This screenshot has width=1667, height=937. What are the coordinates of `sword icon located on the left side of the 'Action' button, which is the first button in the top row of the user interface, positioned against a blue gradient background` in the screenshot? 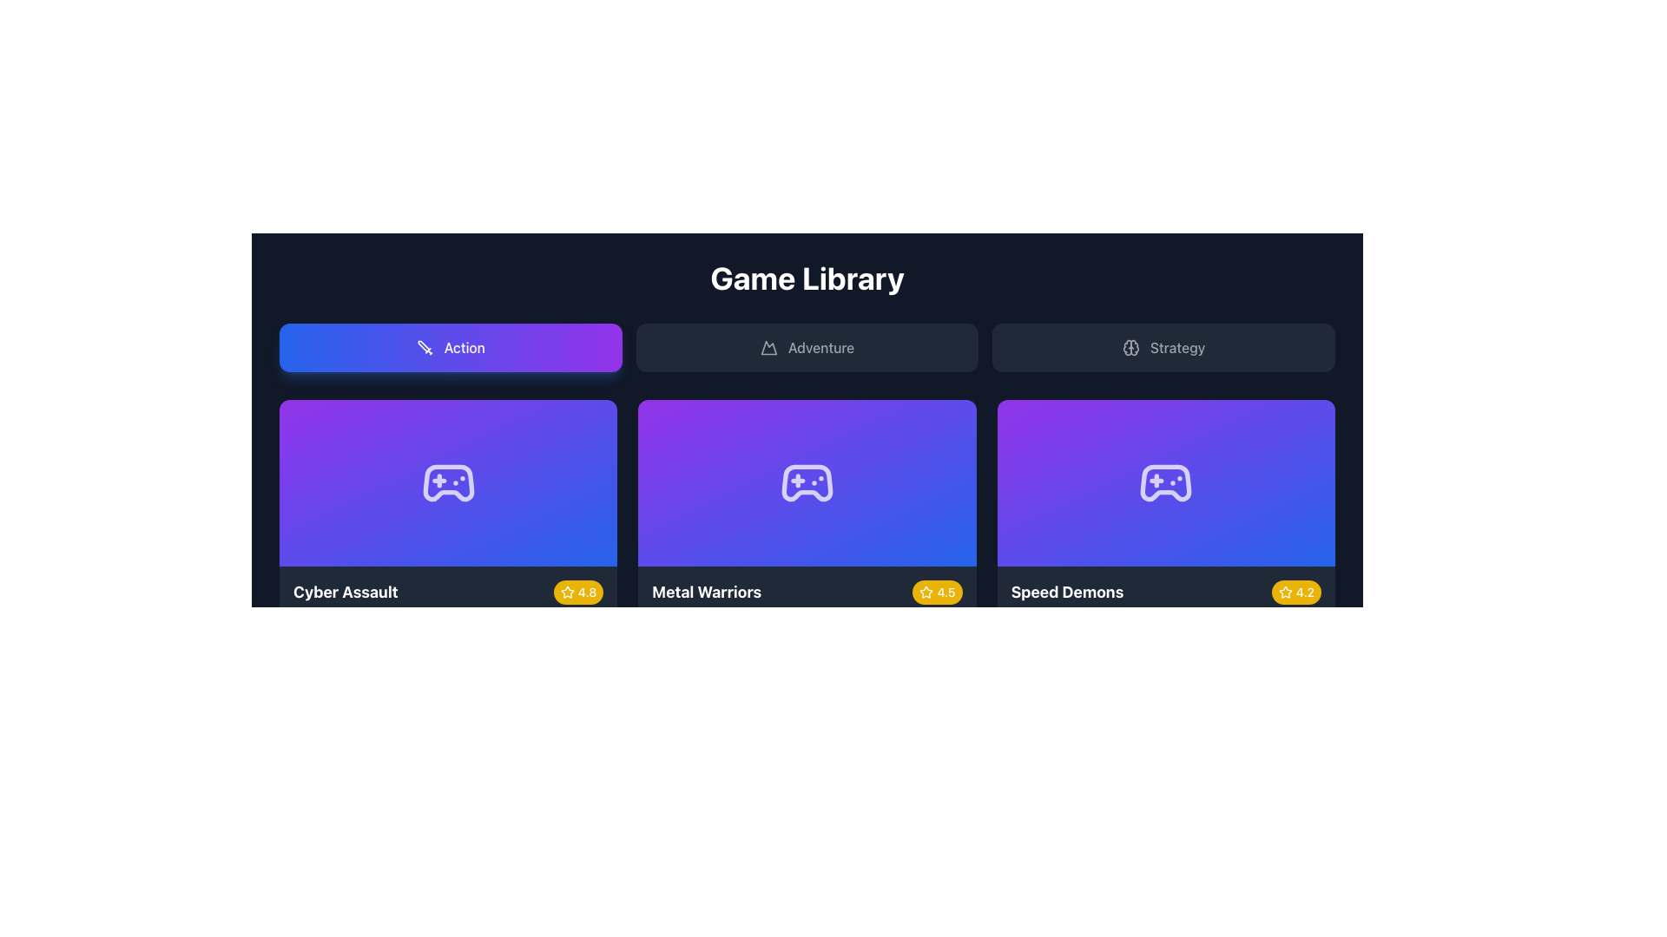 It's located at (425, 348).